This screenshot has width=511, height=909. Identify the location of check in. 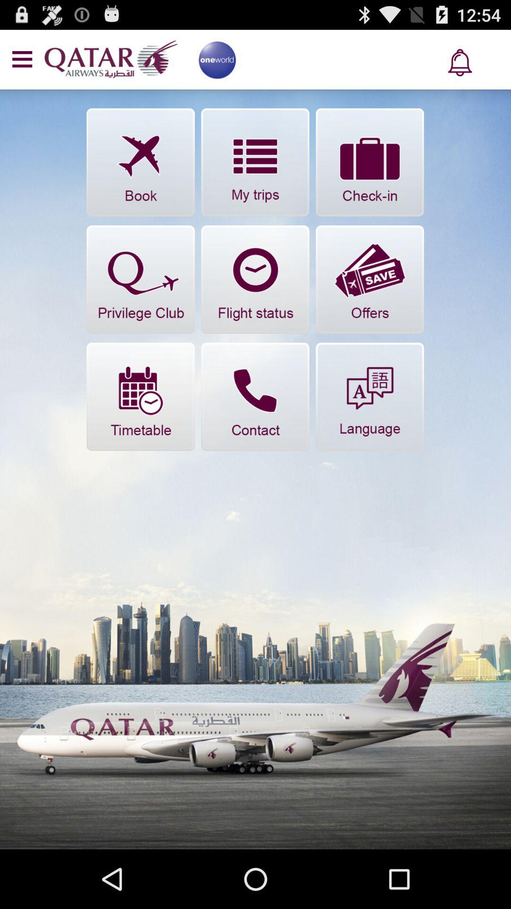
(369, 162).